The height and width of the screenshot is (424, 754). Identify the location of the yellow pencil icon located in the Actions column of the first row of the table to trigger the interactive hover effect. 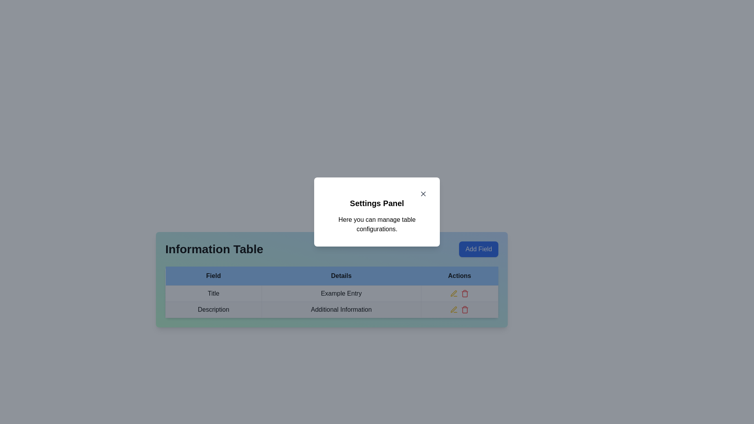
(454, 294).